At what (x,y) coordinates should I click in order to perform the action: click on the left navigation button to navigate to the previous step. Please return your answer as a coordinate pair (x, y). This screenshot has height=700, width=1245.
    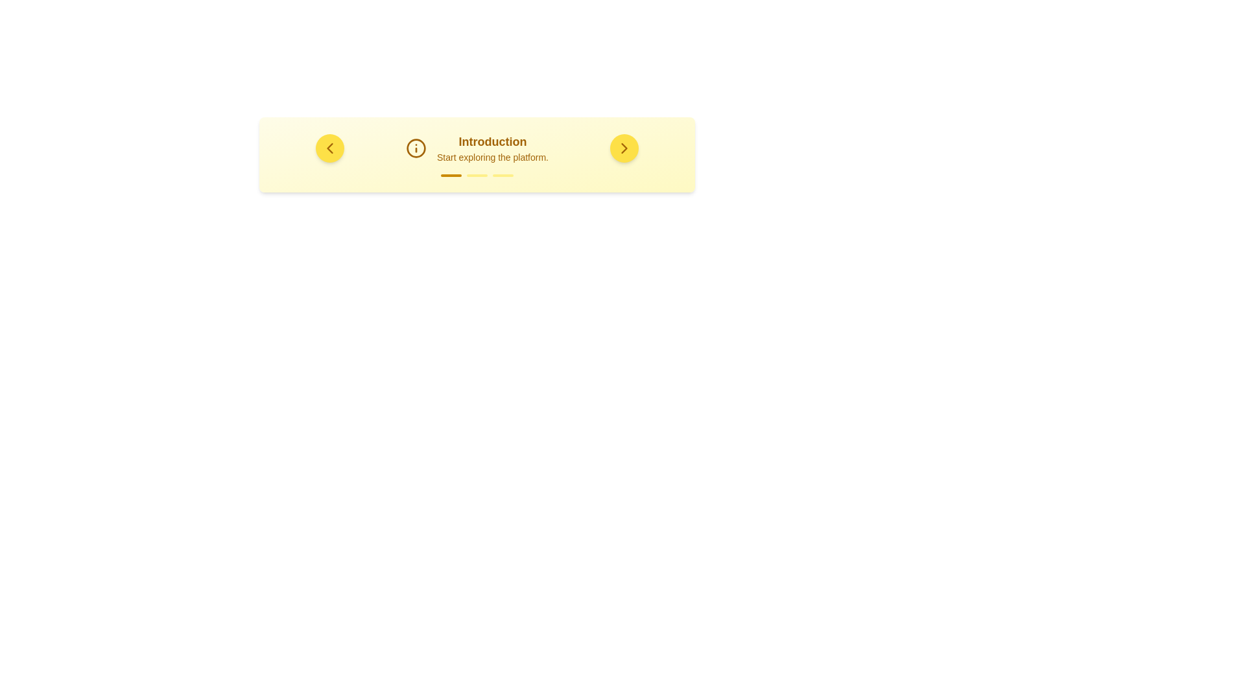
    Looking at the image, I should click on (329, 147).